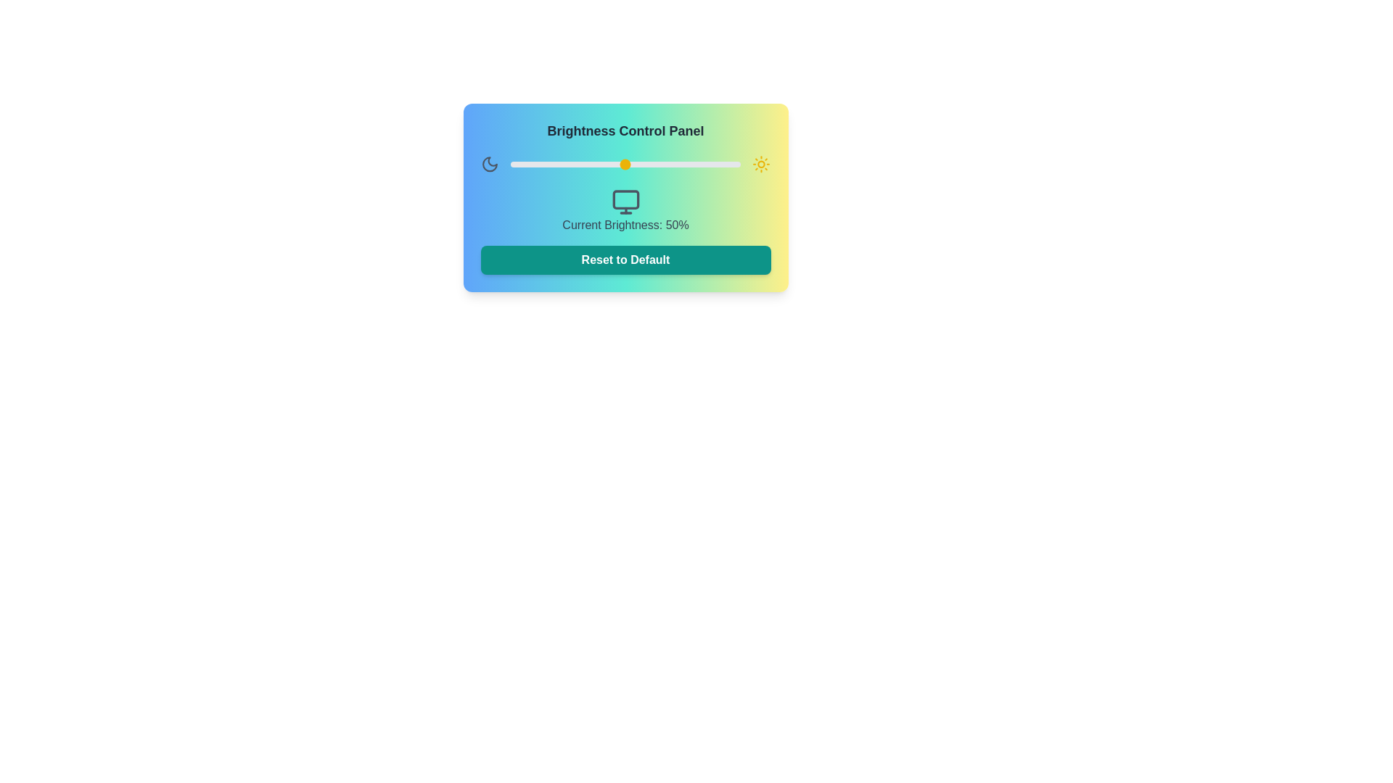 The width and height of the screenshot is (1393, 783). Describe the element at coordinates (596, 164) in the screenshot. I see `the brightness level` at that location.